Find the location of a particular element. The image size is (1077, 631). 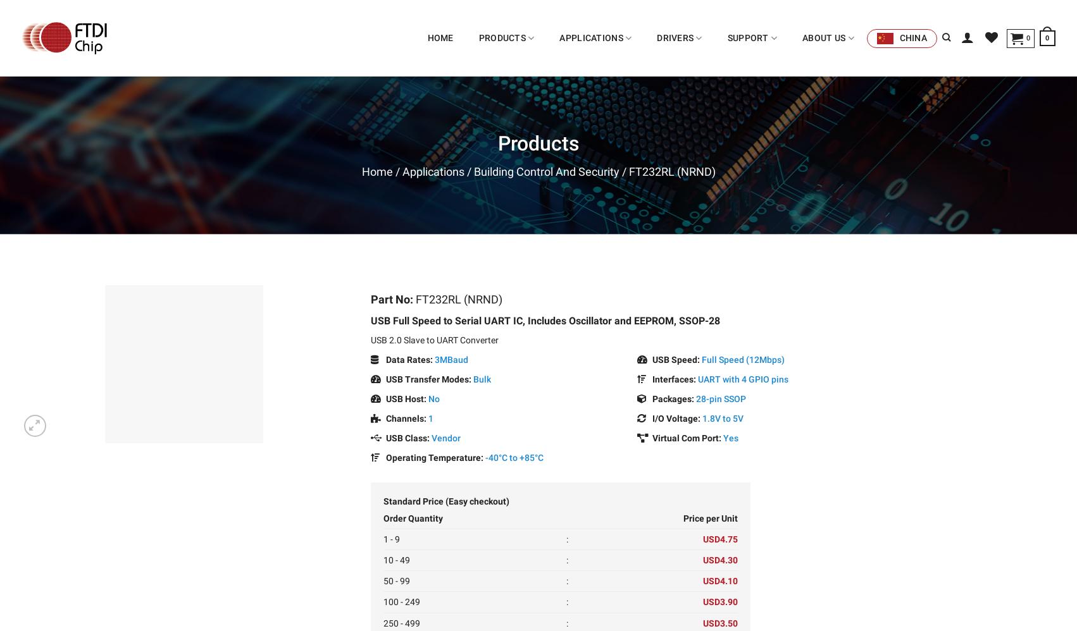

'USB Speed:' is located at coordinates (649, 358).